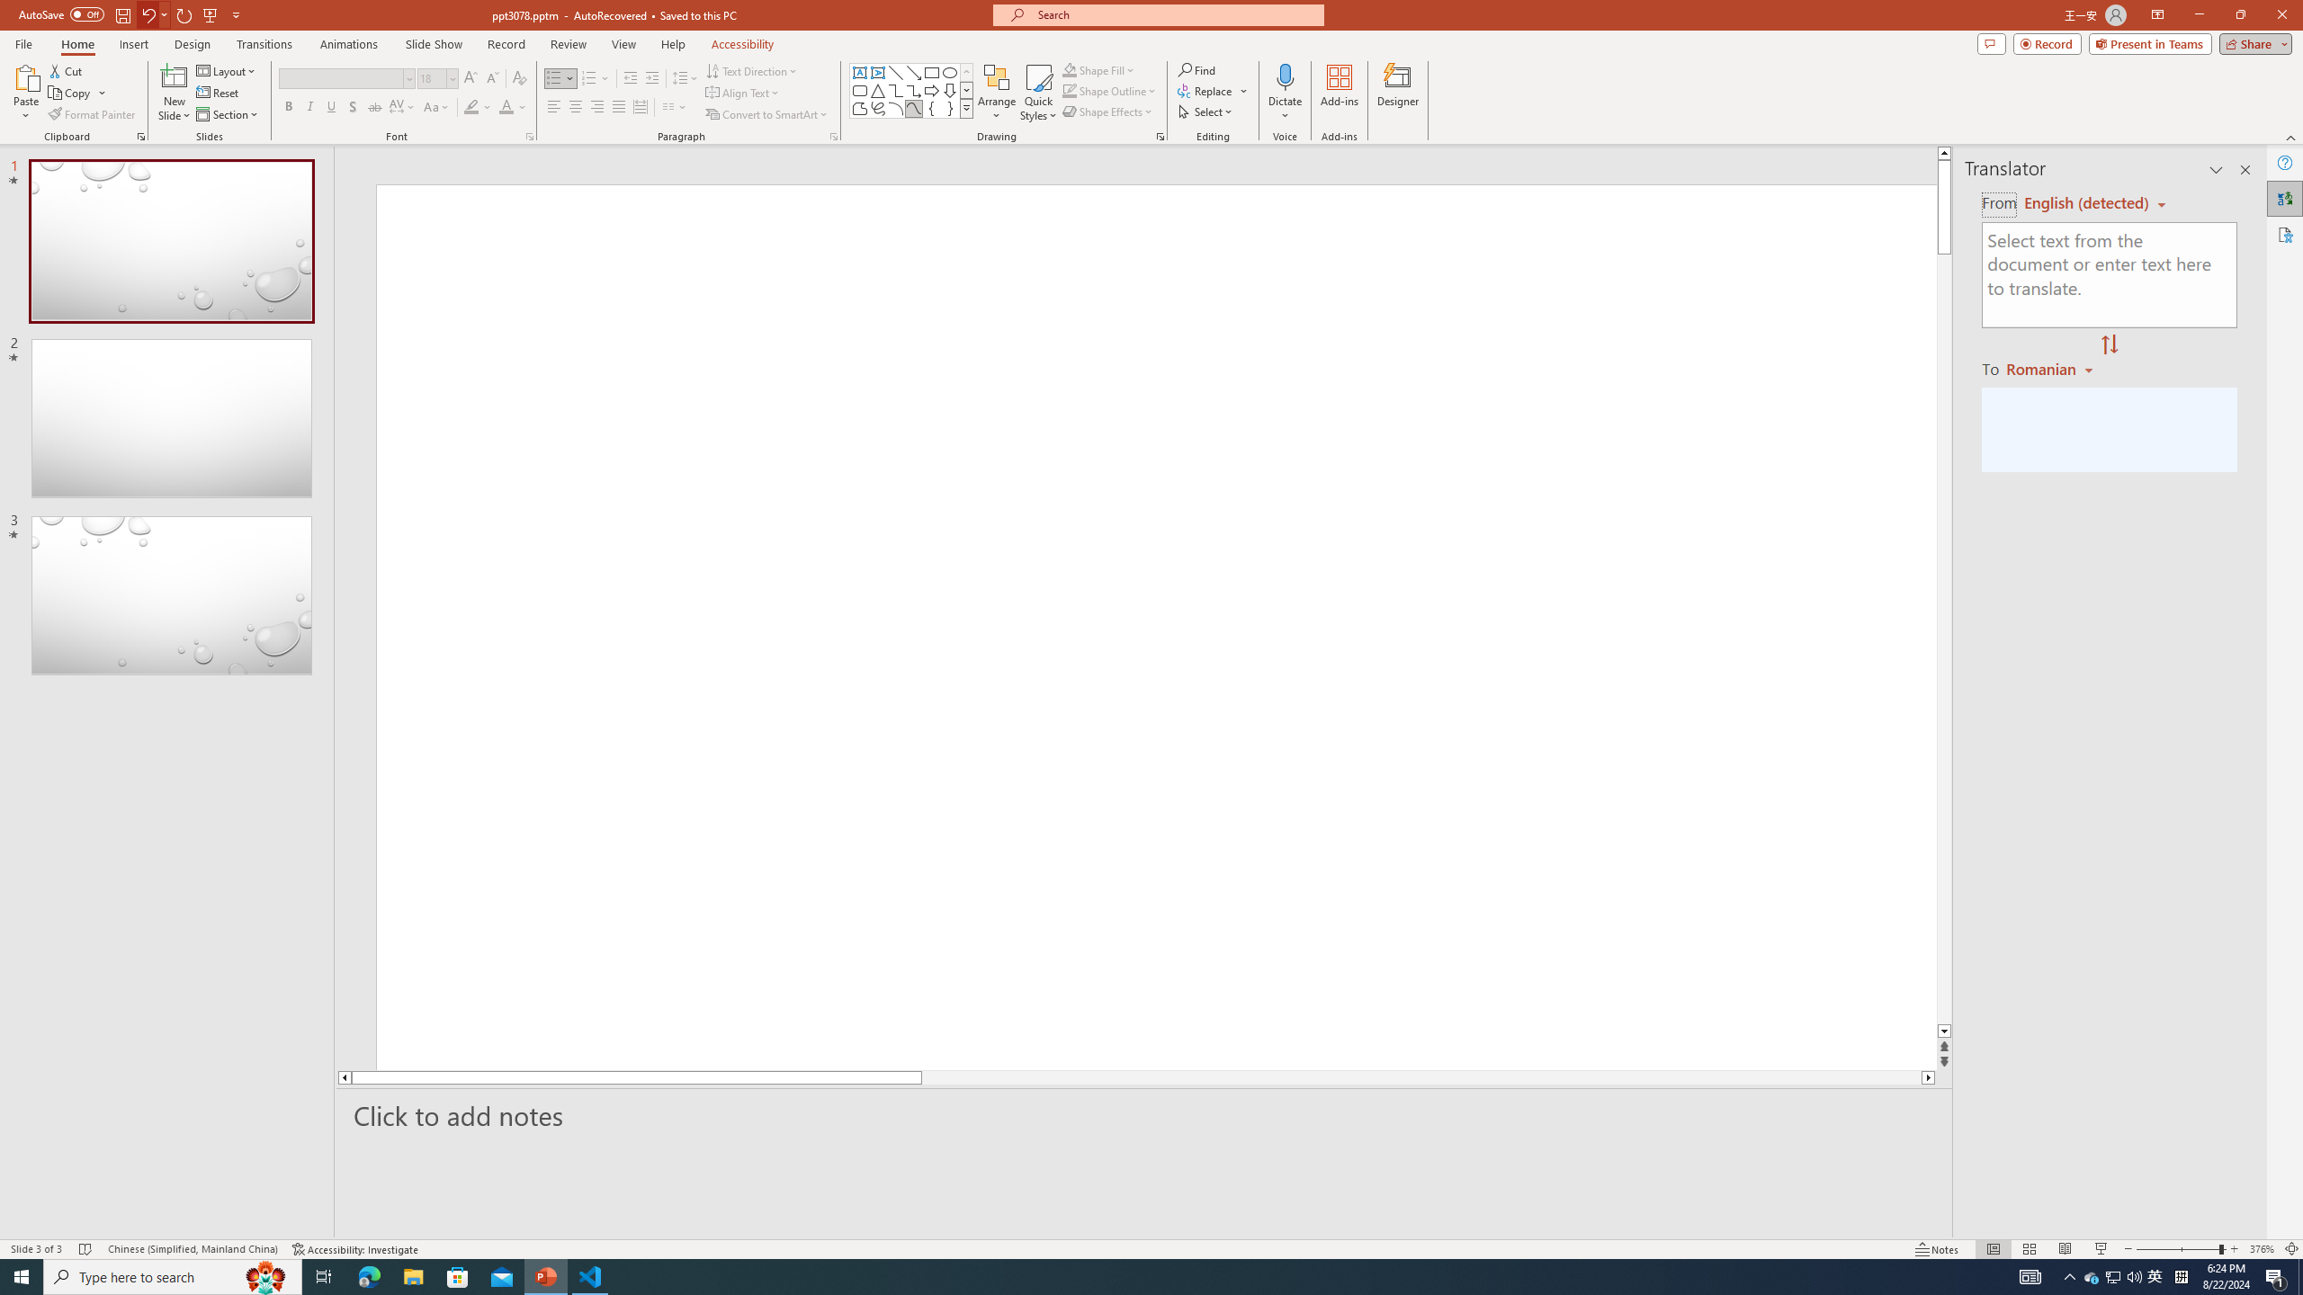 This screenshot has width=2303, height=1295. Describe the element at coordinates (2050, 368) in the screenshot. I see `'Romanian'` at that location.